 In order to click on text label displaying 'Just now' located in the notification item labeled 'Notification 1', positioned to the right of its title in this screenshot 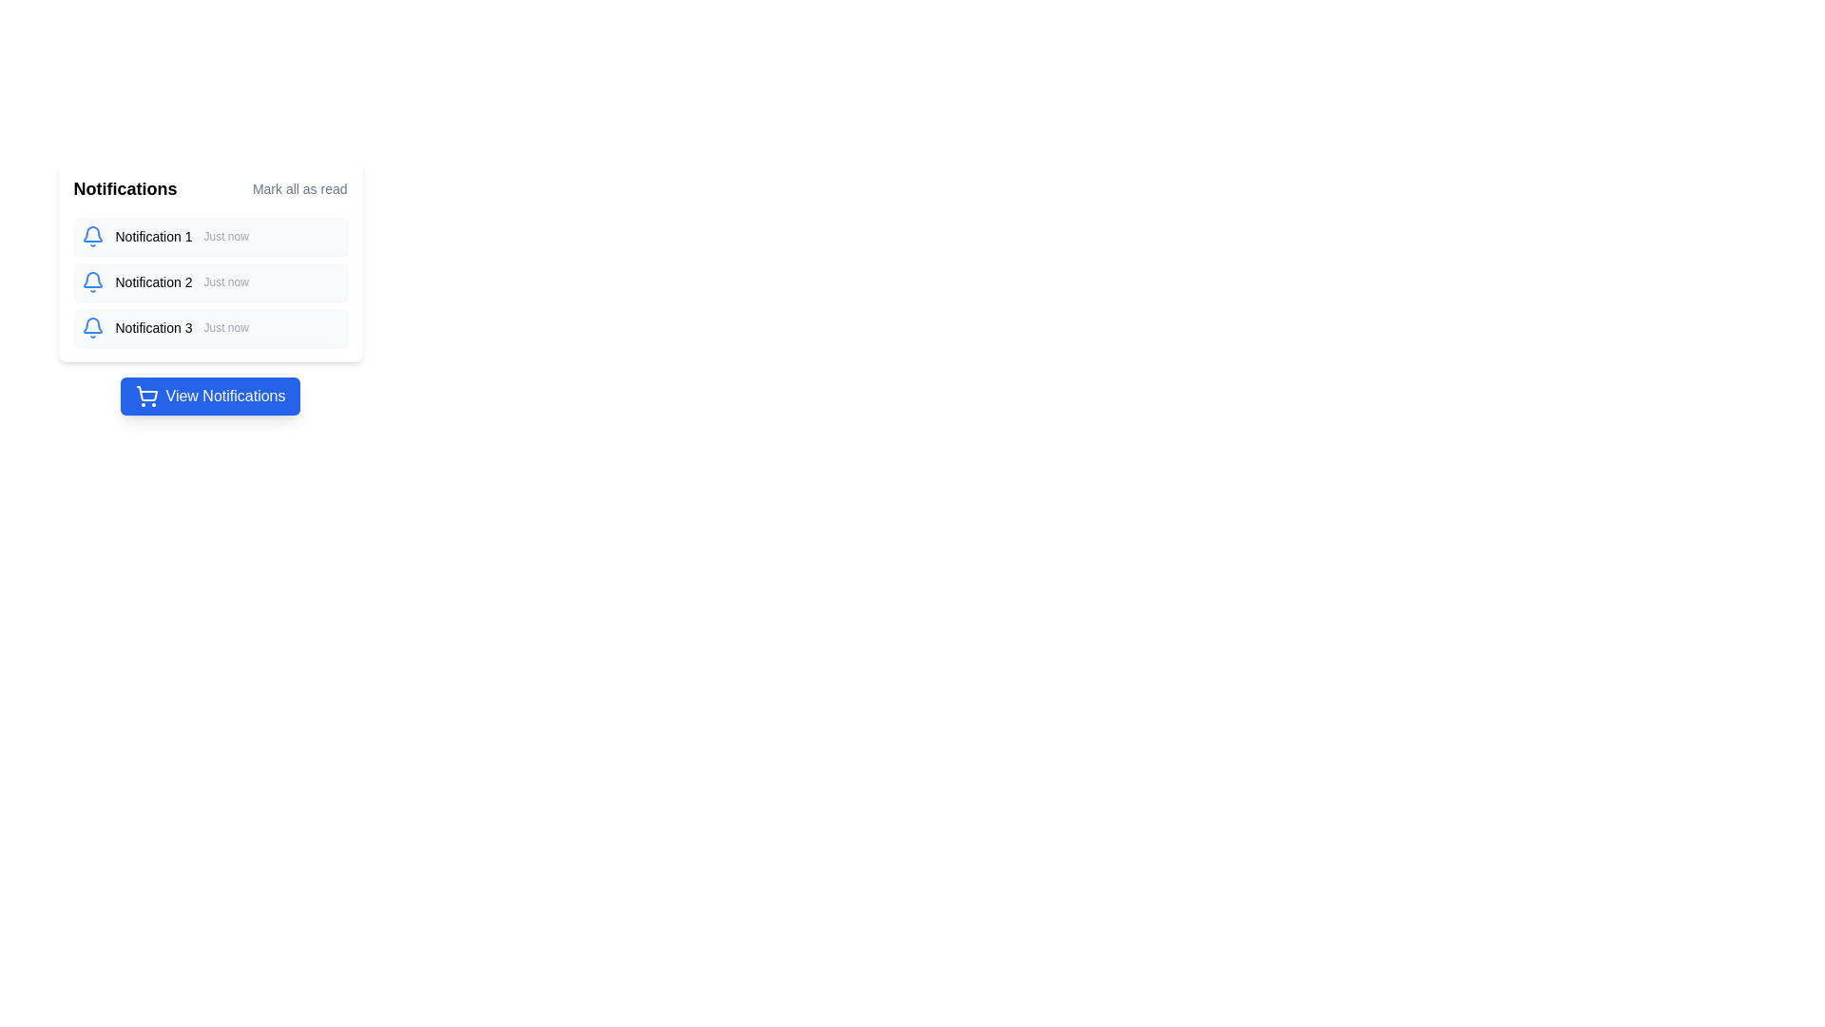, I will do `click(226, 236)`.